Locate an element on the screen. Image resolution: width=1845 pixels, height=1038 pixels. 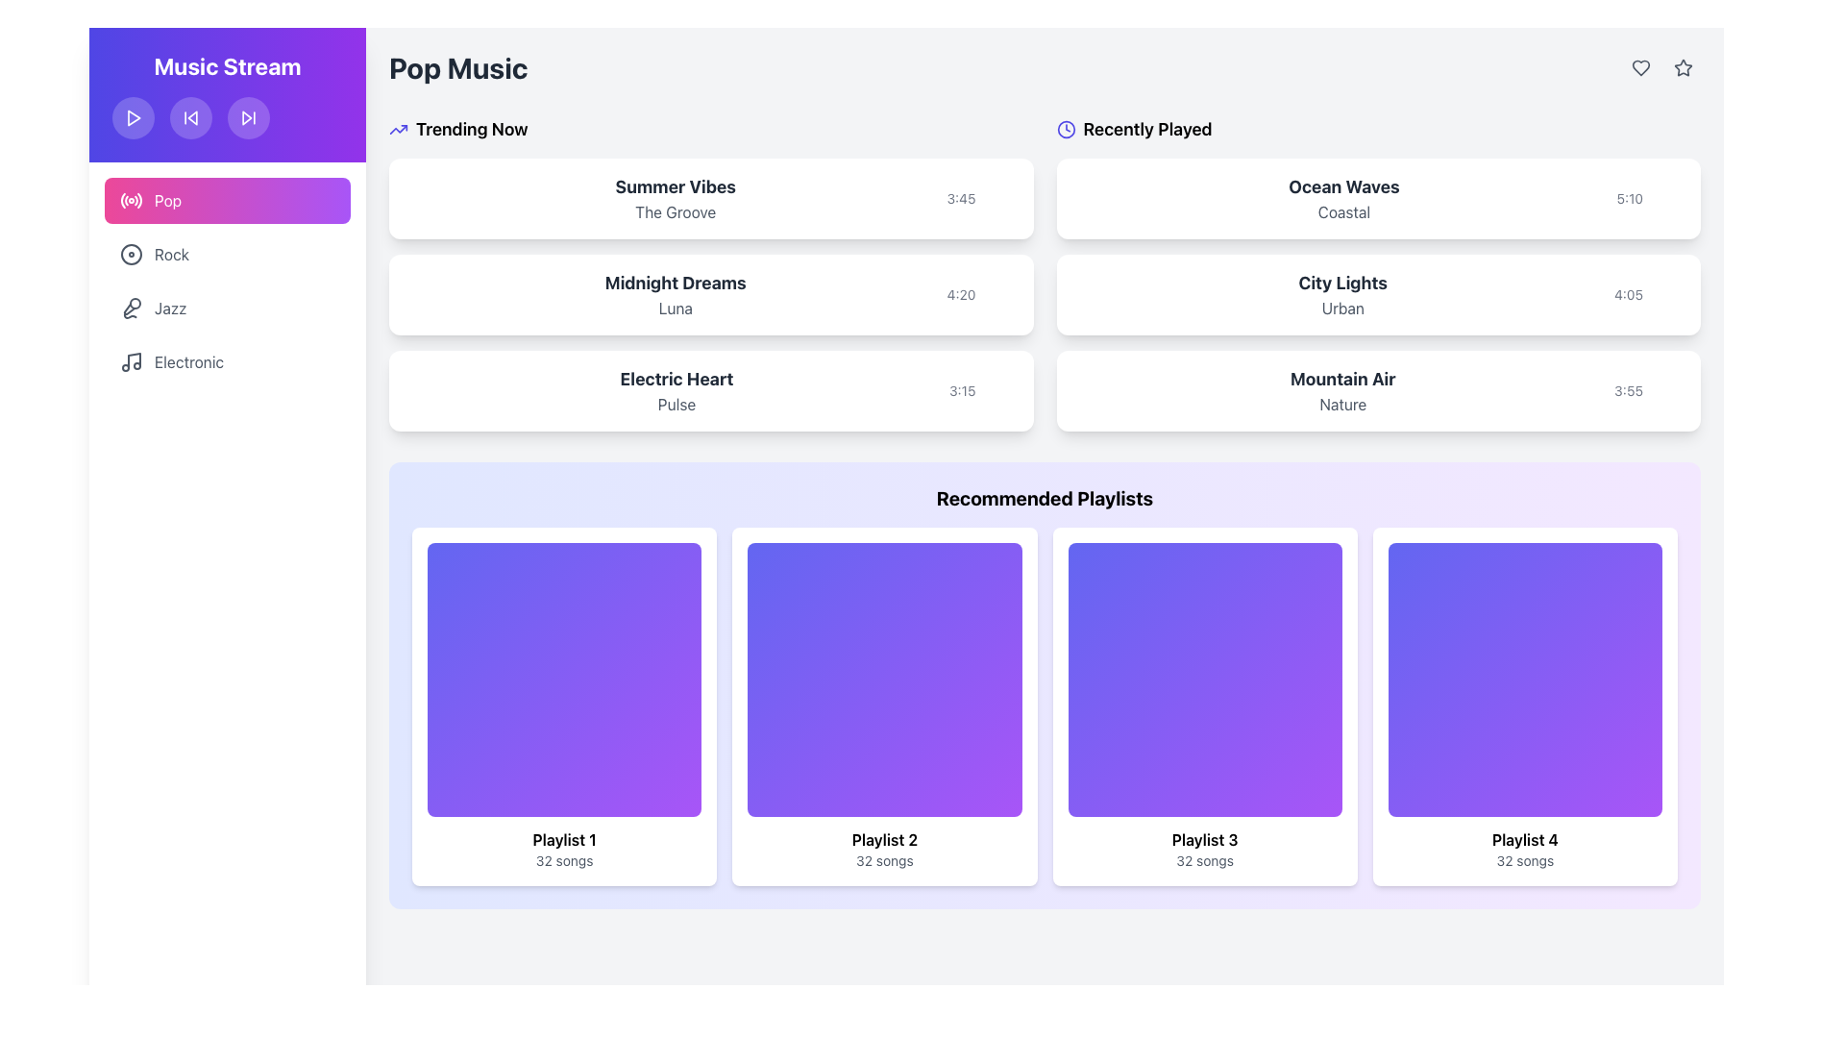
the middle circular media control button in the left sidebar under the 'Music Stream' heading to observe a visual color change is located at coordinates (190, 118).